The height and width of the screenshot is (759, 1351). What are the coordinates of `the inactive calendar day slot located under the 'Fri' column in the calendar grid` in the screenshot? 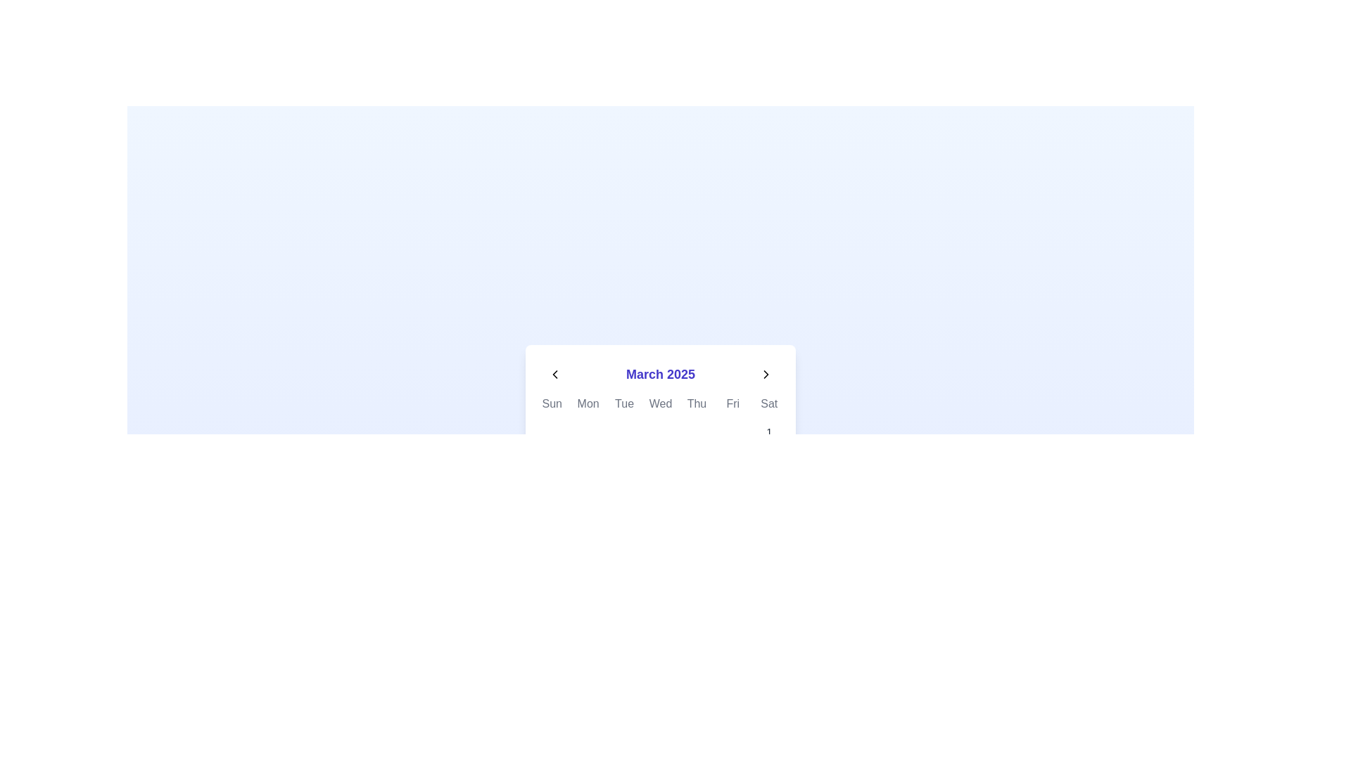 It's located at (732, 431).